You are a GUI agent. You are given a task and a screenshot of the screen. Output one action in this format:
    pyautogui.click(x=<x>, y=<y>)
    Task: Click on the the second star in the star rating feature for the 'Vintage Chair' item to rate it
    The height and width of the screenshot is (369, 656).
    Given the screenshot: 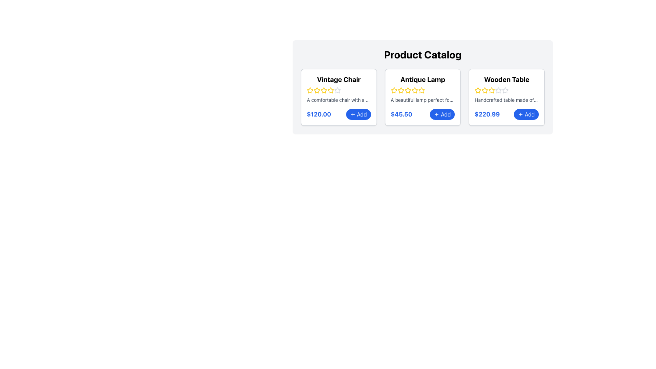 What is the action you would take?
    pyautogui.click(x=324, y=90)
    